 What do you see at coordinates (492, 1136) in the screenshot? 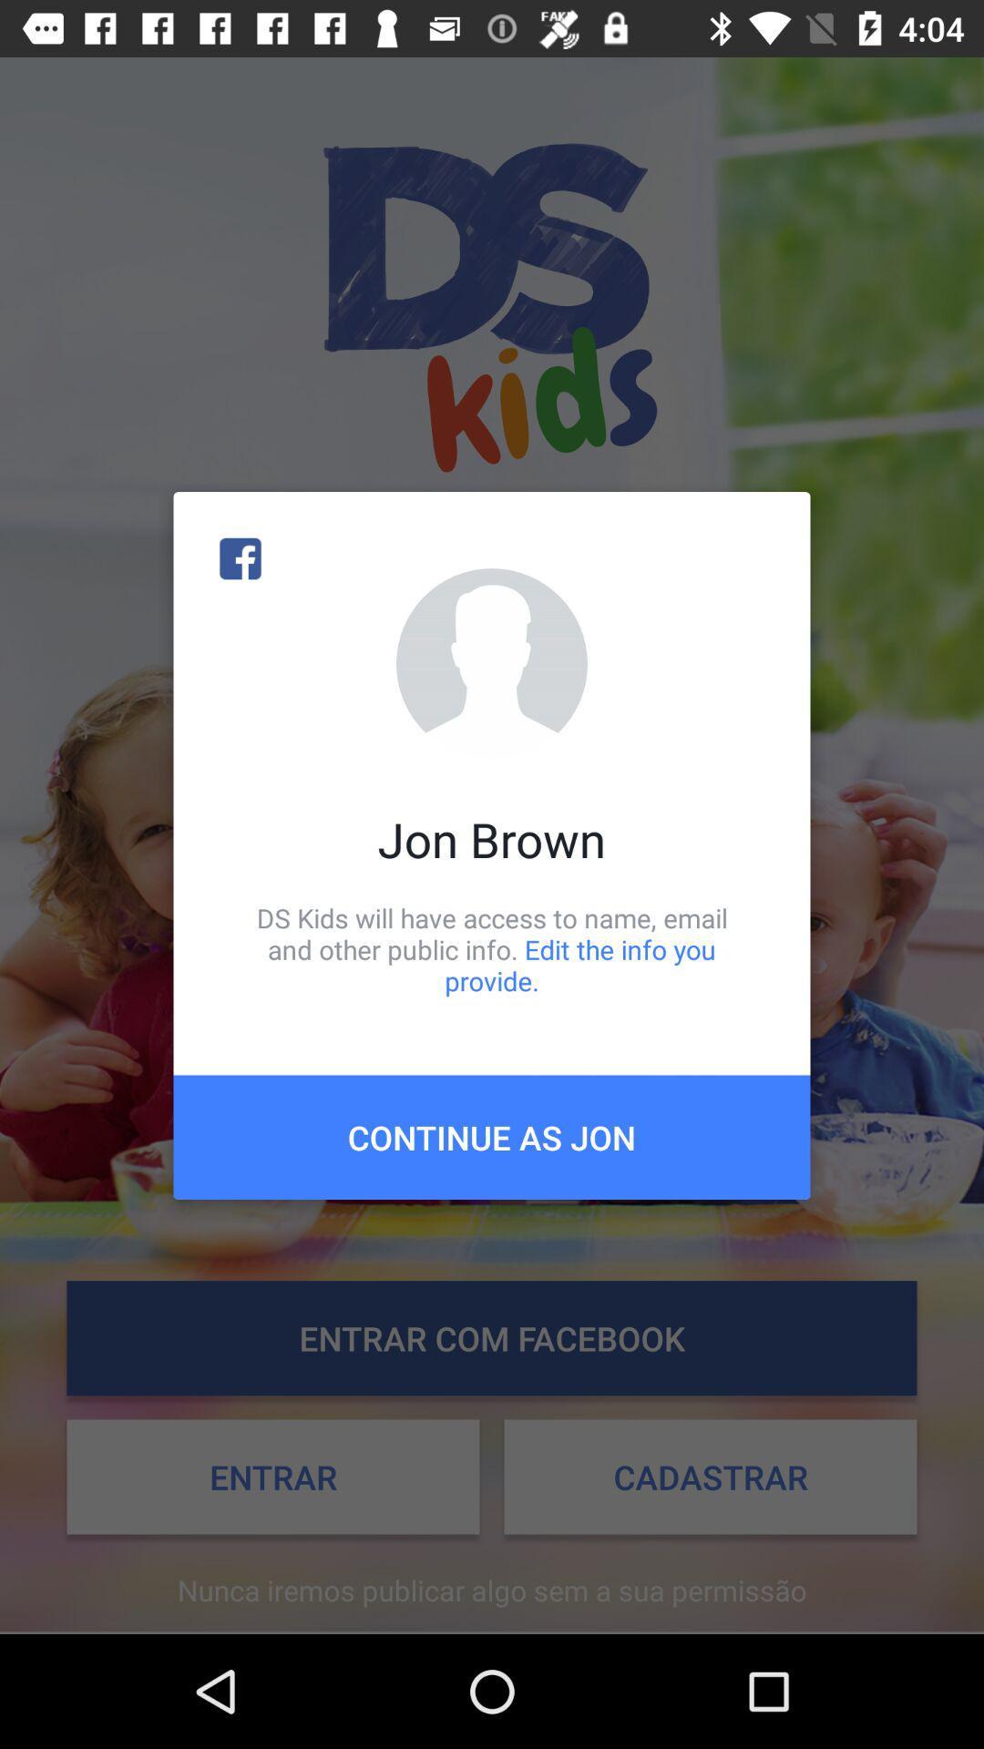
I see `continue as jon` at bounding box center [492, 1136].